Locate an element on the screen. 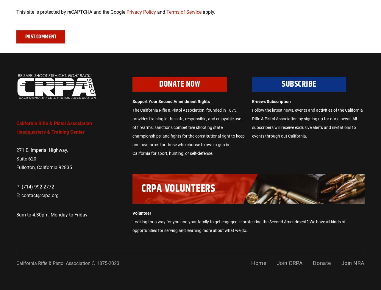  'Subscribe' is located at coordinates (299, 84).